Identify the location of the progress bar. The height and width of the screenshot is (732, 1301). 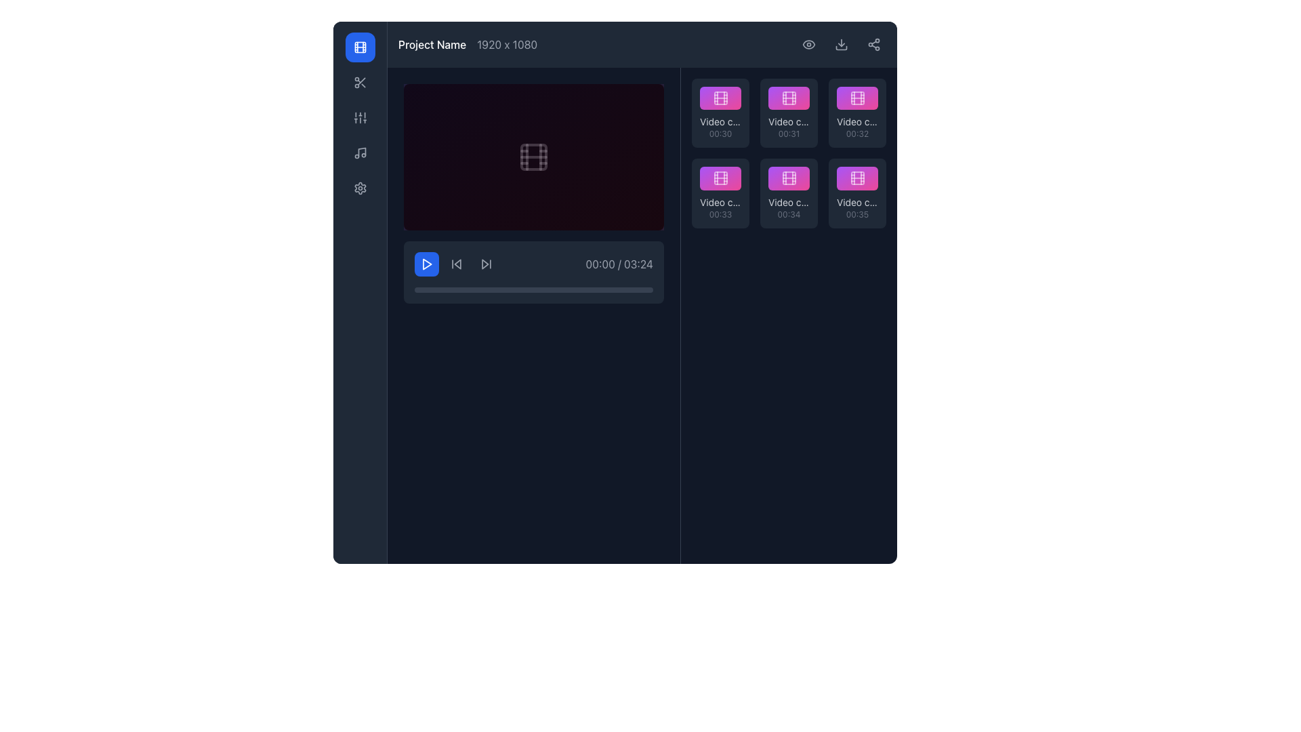
(623, 289).